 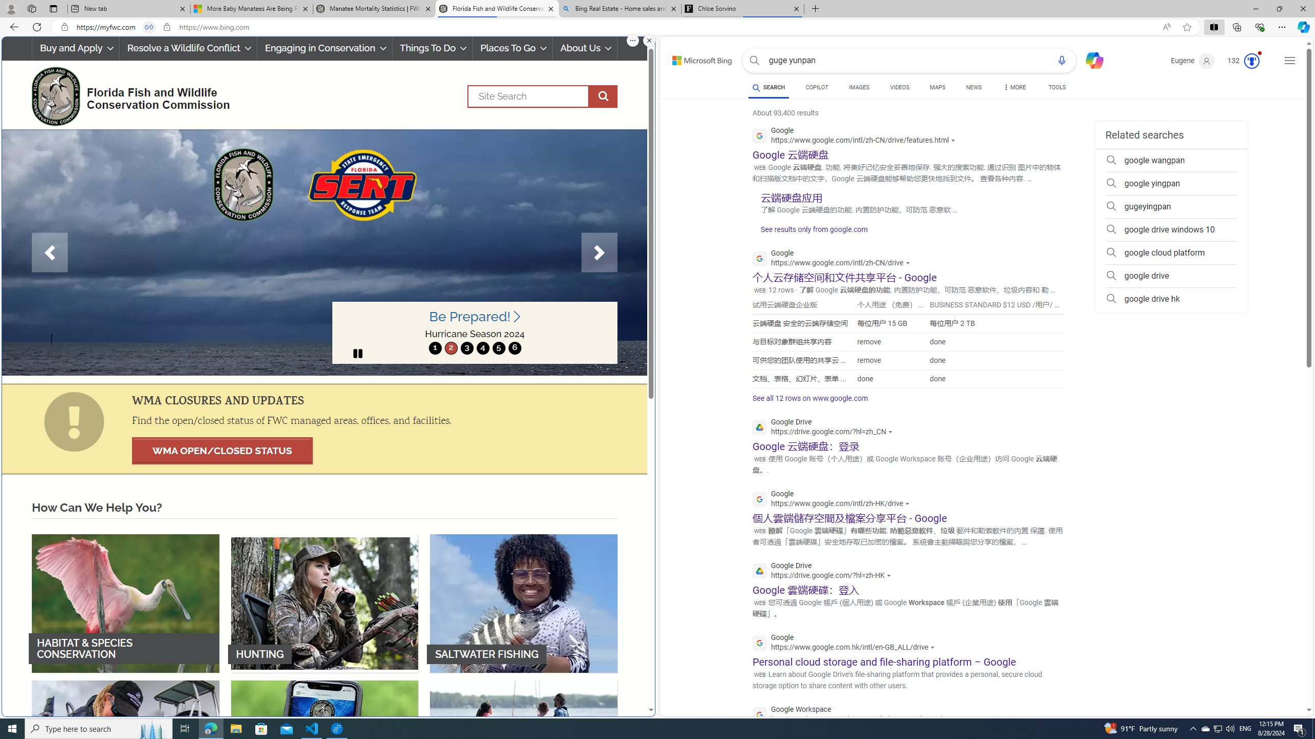 What do you see at coordinates (432, 48) in the screenshot?
I see `'Things To Do'` at bounding box center [432, 48].